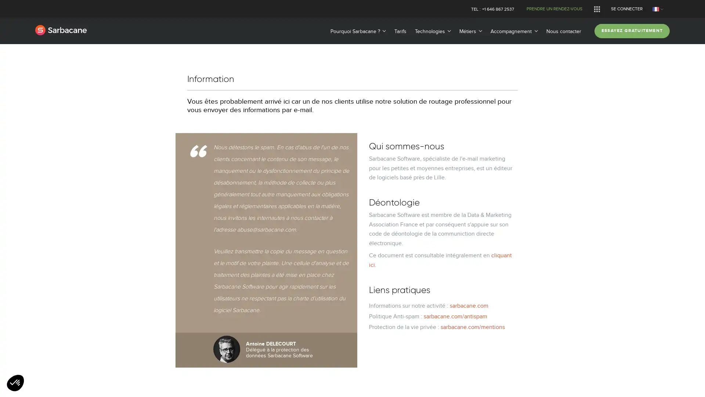 This screenshot has height=397, width=705. What do you see at coordinates (352, 236) in the screenshot?
I see `Consentements certifies par` at bounding box center [352, 236].